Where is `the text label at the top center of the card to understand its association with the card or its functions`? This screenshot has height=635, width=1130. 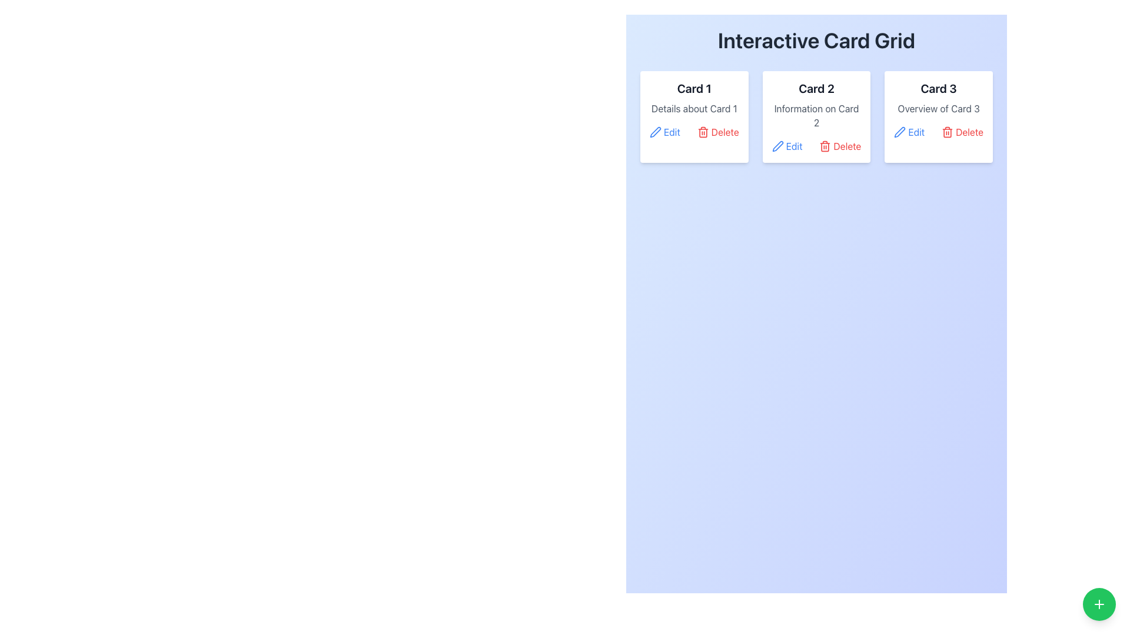 the text label at the top center of the card to understand its association with the card or its functions is located at coordinates (694, 88).